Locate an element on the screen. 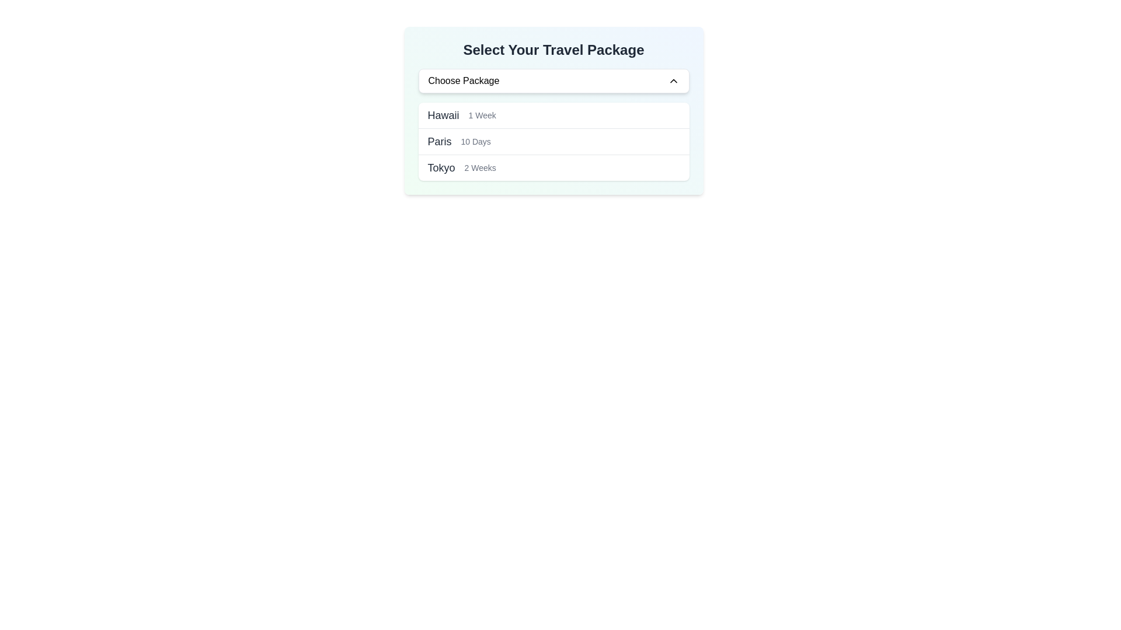 This screenshot has width=1121, height=630. the 'Choose Package' label, which displays the text in black on a white background, located near the center-left of the dropdown interface is located at coordinates (463, 80).